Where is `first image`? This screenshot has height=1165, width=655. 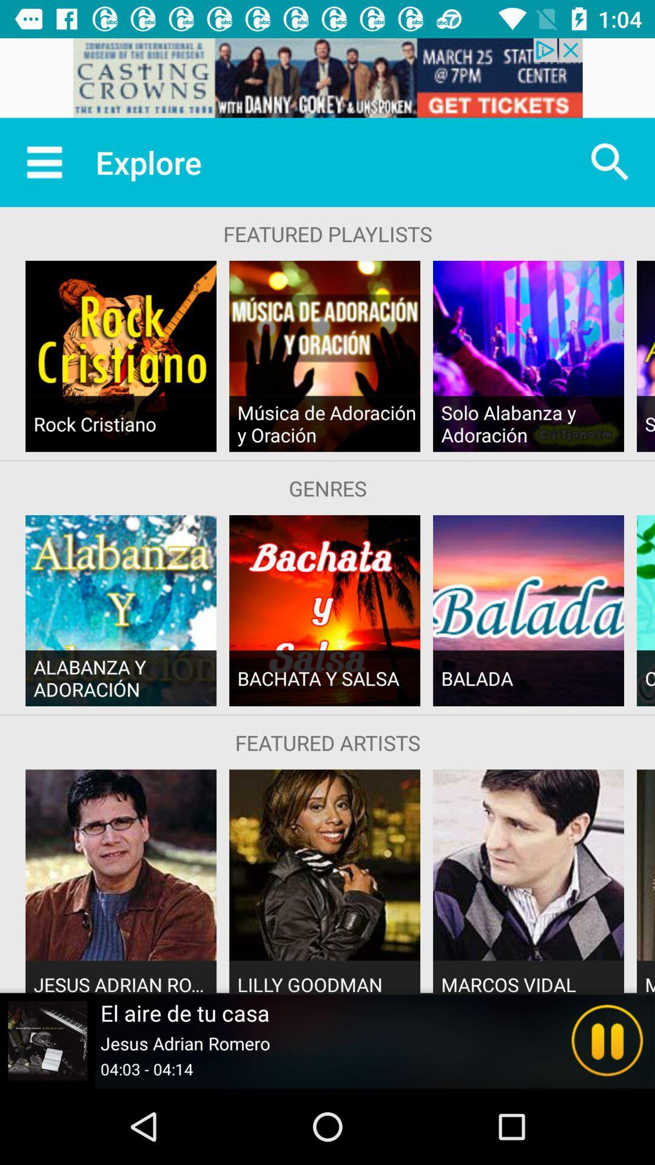 first image is located at coordinates (121, 356).